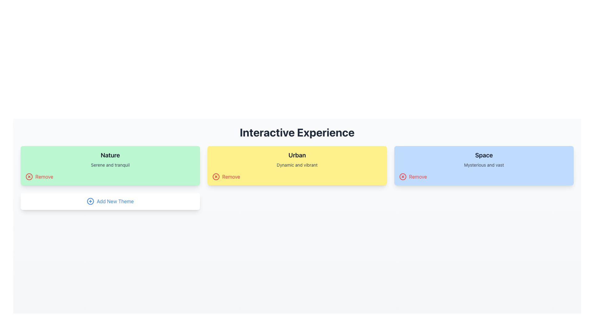 The width and height of the screenshot is (591, 332). What do you see at coordinates (403, 176) in the screenshot?
I see `the interactive deletion icon located to the left of the 'Remove' text within the lower left corner of the card labeled 'Space'` at bounding box center [403, 176].